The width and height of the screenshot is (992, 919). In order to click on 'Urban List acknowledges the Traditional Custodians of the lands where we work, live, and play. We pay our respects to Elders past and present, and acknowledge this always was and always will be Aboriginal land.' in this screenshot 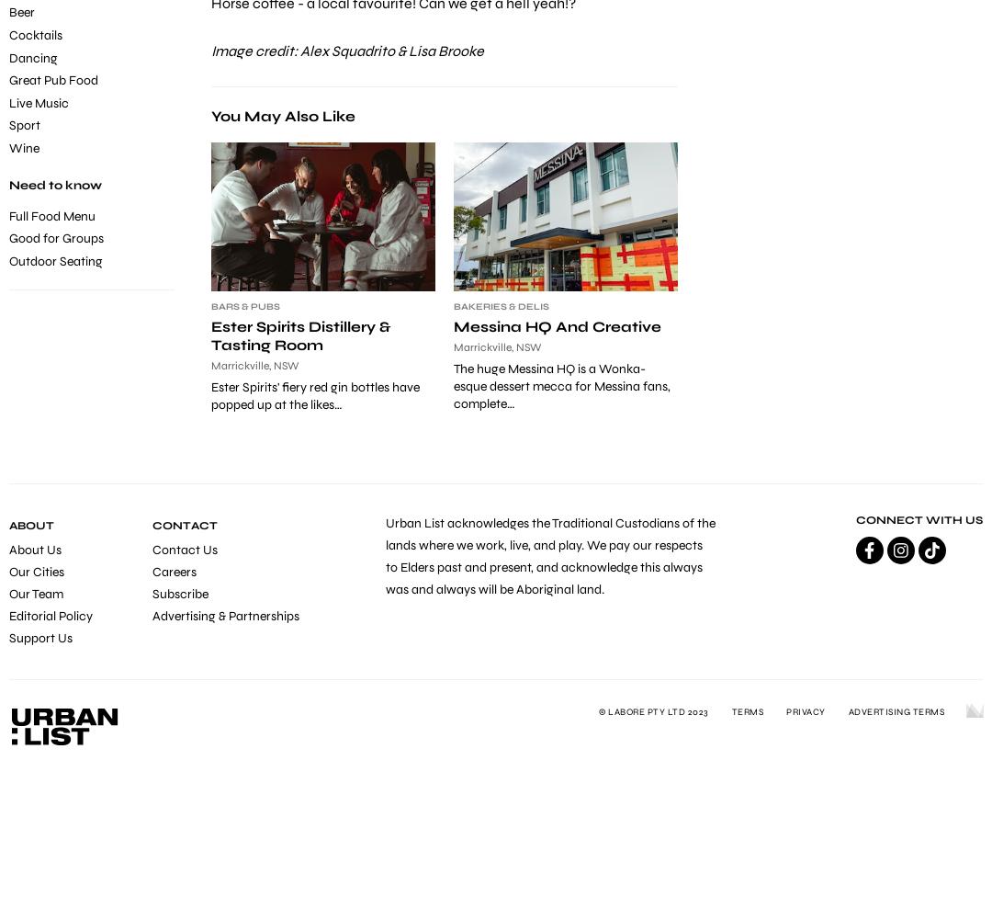, I will do `click(549, 555)`.